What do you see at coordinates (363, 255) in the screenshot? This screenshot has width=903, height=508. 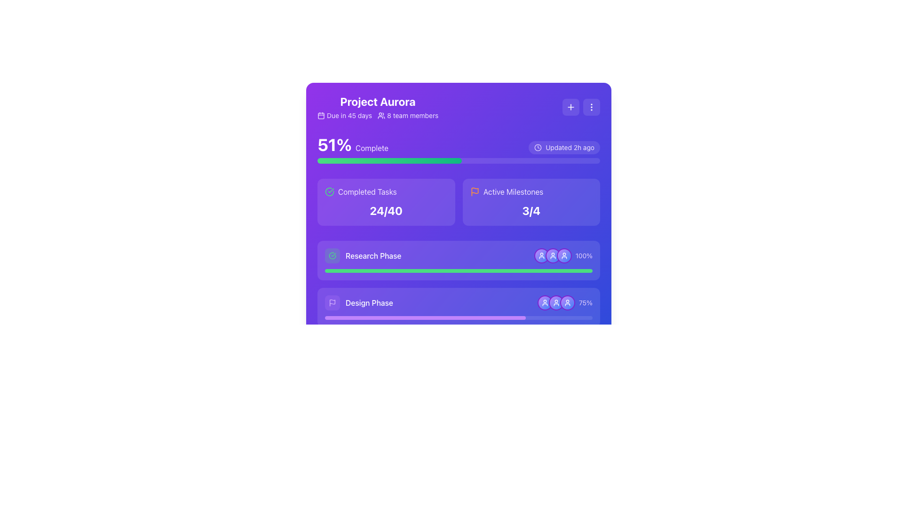 I see `text of the Label with status indicator that represents a phase in the project tracker, located in the middle-left section of a panel under the progress bar indicating '51% Complete'` at bounding box center [363, 255].